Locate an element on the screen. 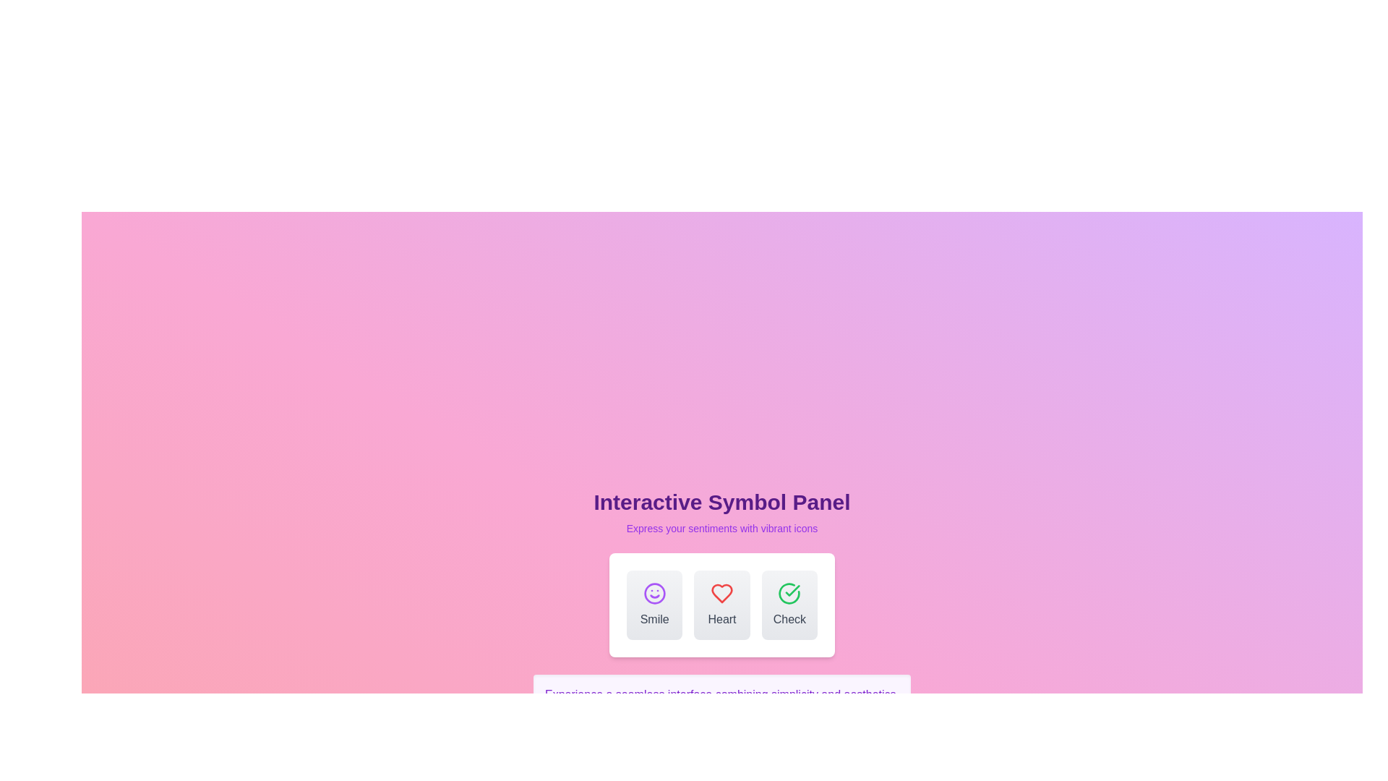  the interactive button representing the 'Heart', the second card in the Interactive Symbol Panel is located at coordinates (721, 605).